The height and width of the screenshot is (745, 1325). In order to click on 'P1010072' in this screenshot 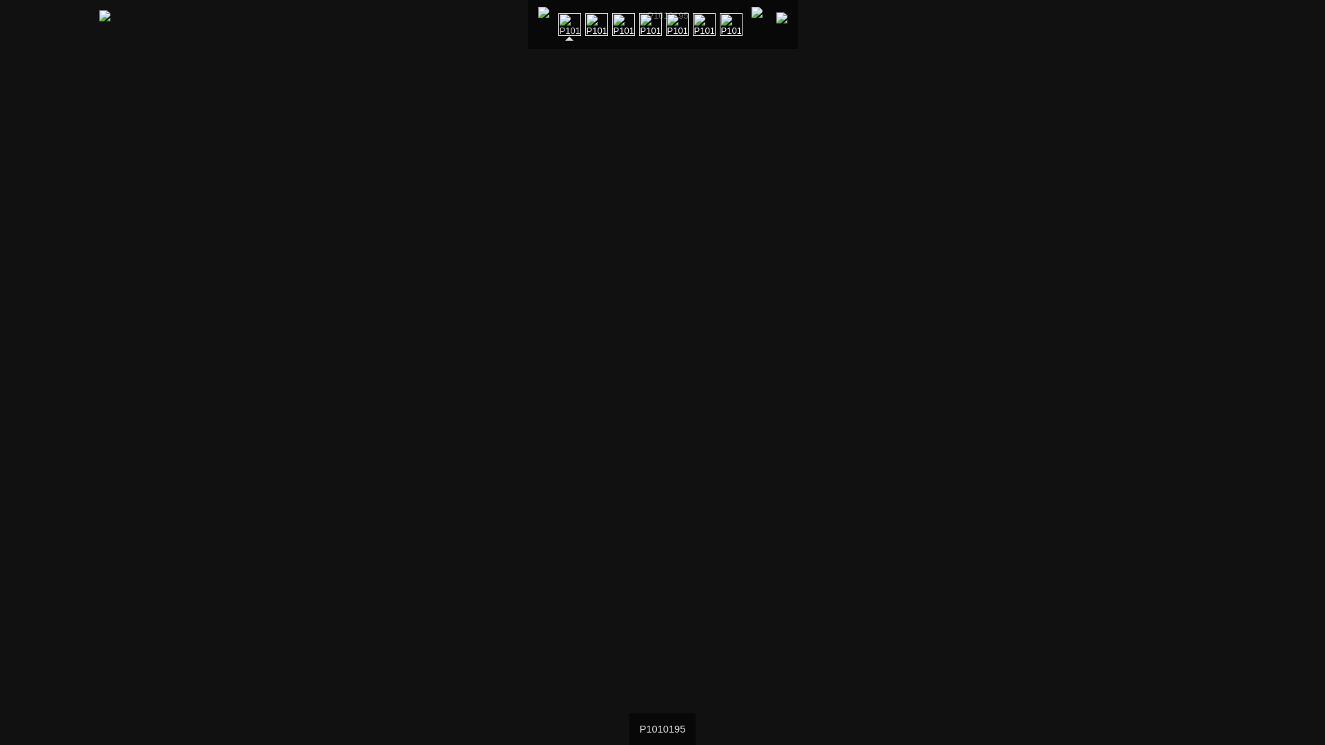, I will do `click(596, 24)`.